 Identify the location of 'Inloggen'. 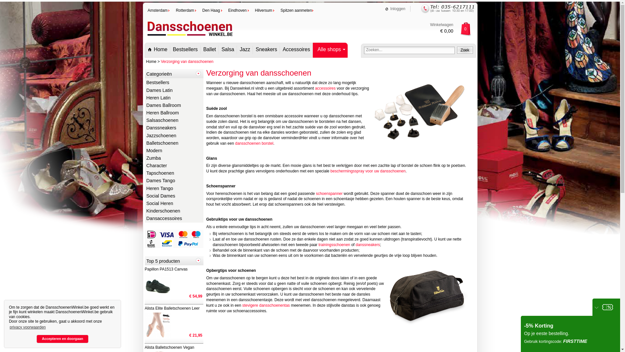
(395, 9).